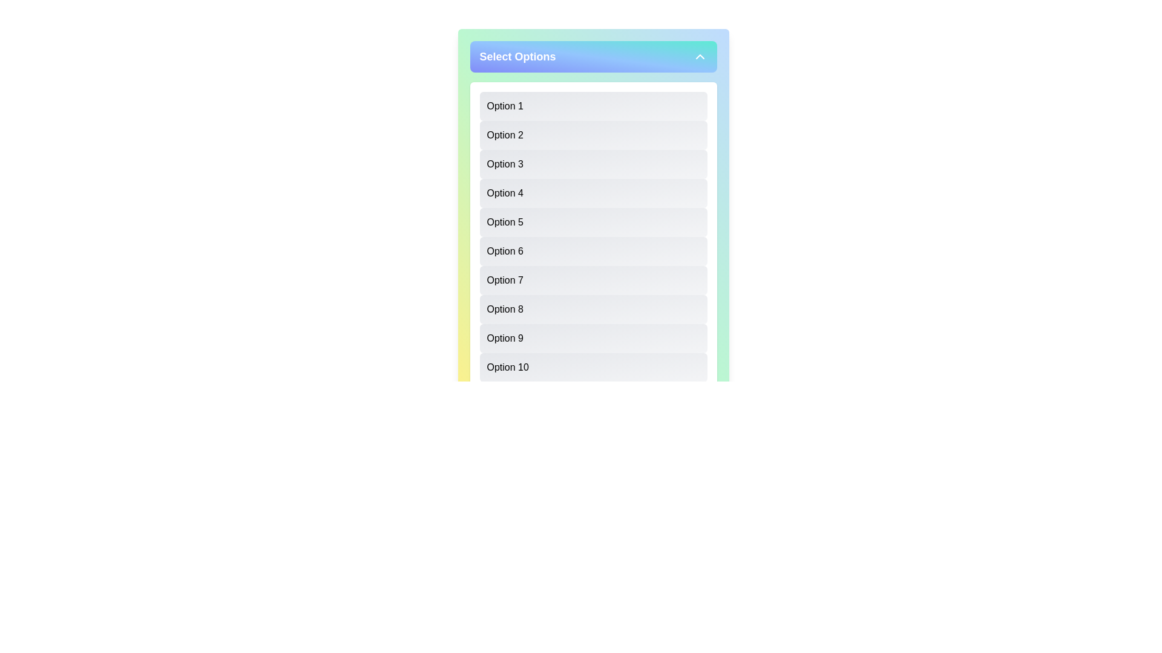 This screenshot has width=1162, height=653. What do you see at coordinates (593, 222) in the screenshot?
I see `the fifth option in the vertical list of ten within the white, rounded, shadowed box titled 'Select Options'` at bounding box center [593, 222].